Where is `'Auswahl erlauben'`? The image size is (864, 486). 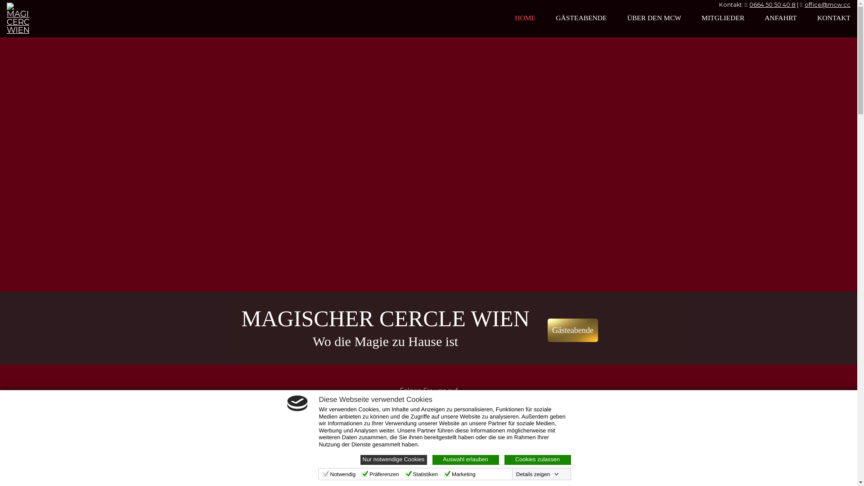
'Auswahl erlauben' is located at coordinates (465, 460).